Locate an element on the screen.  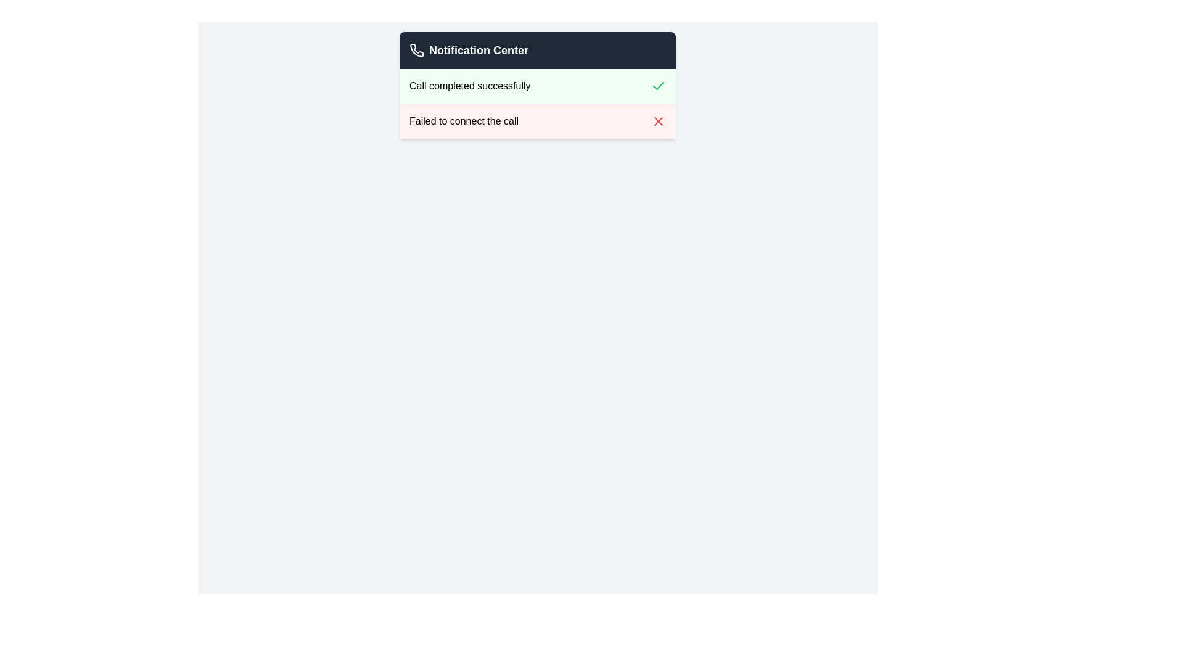
the notification text indicating a call connection attempt was unsuccessful, located below the 'Call completed successfully' text and to the left of the red 'X' icon is located at coordinates (463, 121).